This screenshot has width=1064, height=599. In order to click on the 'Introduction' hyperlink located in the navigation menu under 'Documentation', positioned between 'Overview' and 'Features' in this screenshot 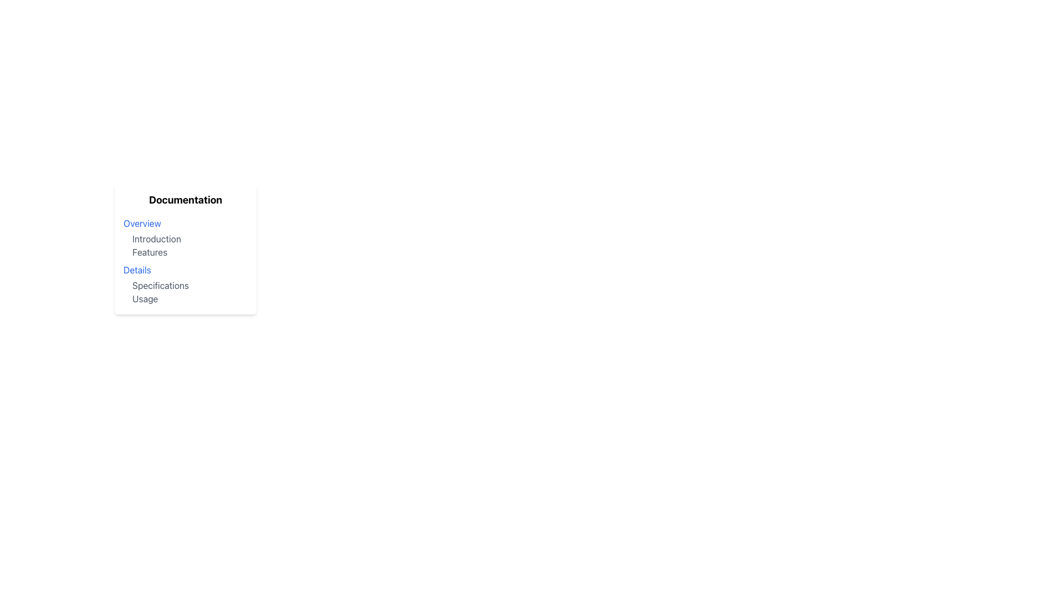, I will do `click(156, 238)`.